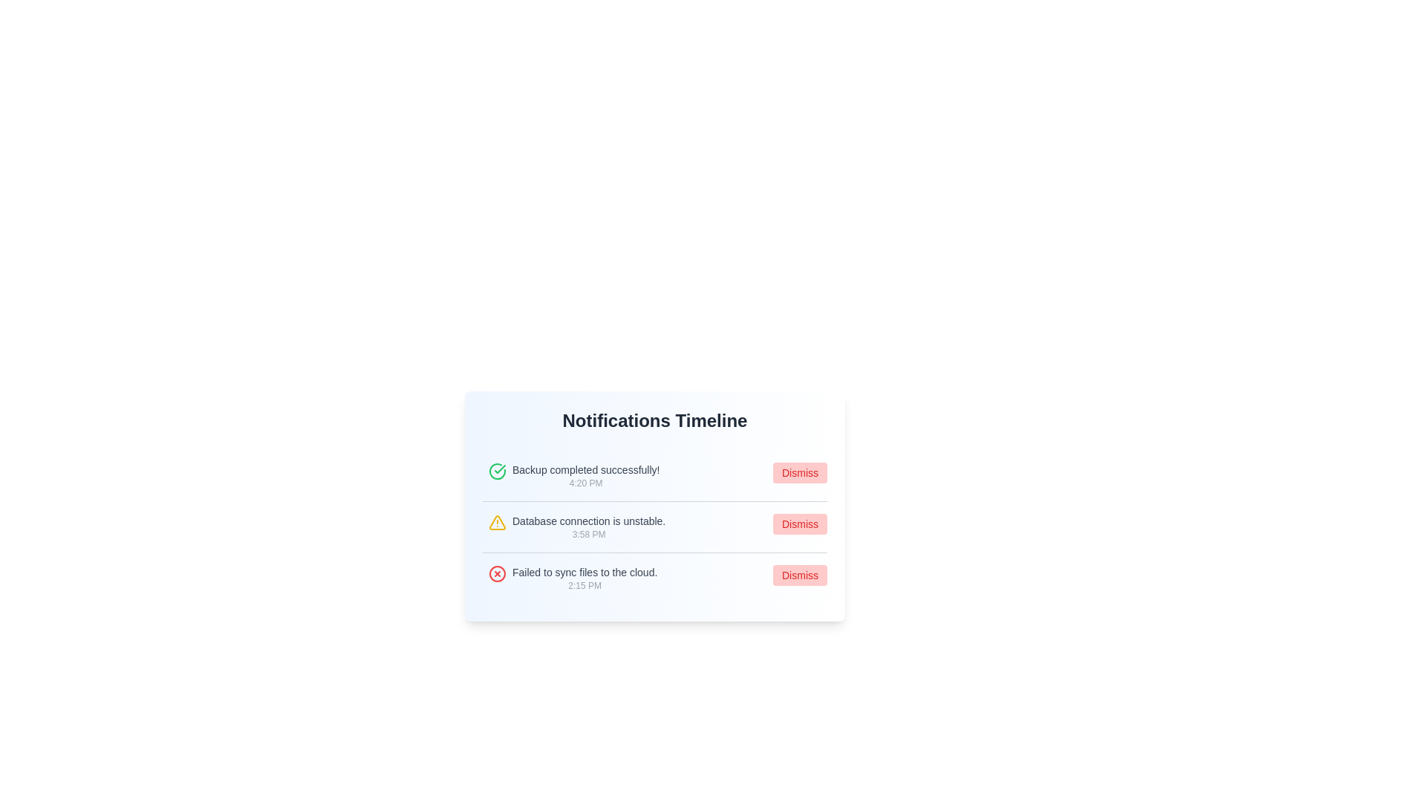 This screenshot has width=1426, height=802. Describe the element at coordinates (654, 421) in the screenshot. I see `the static text header that serves as the title for the notifications section, located at the top of the light blue and white gradient box` at that location.